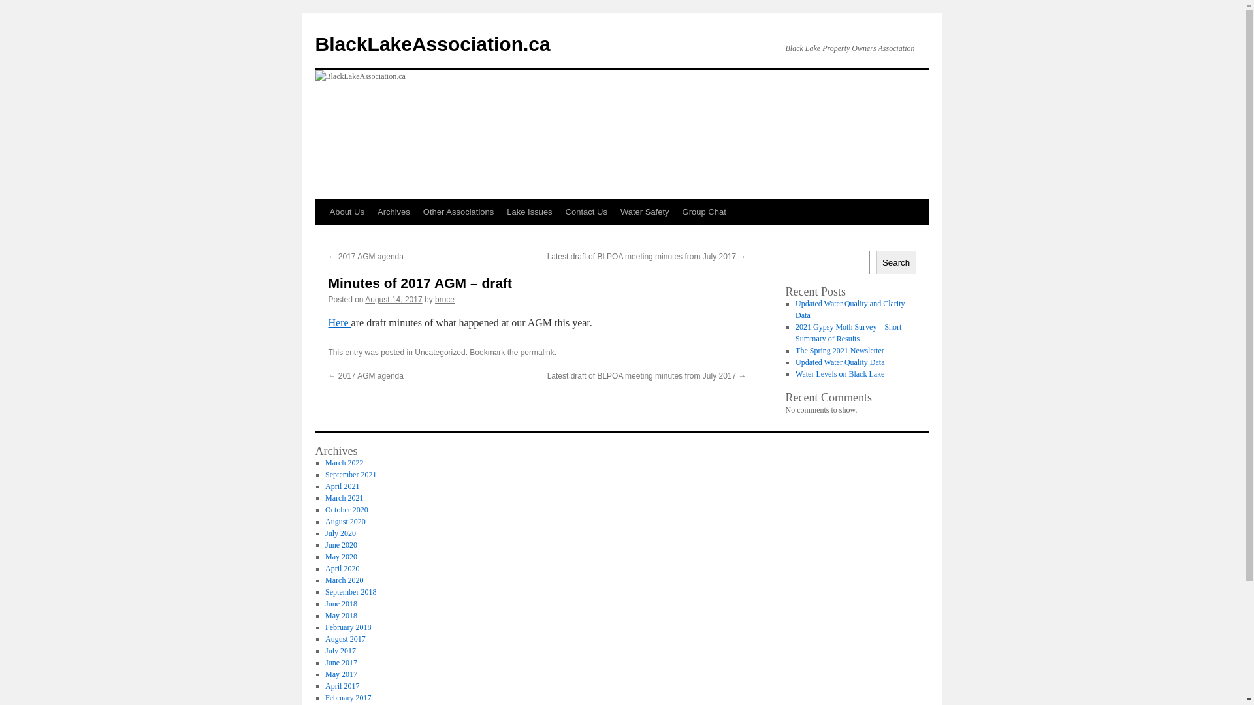 Image resolution: width=1254 pixels, height=705 pixels. I want to click on 'Skip to content', so click(321, 236).